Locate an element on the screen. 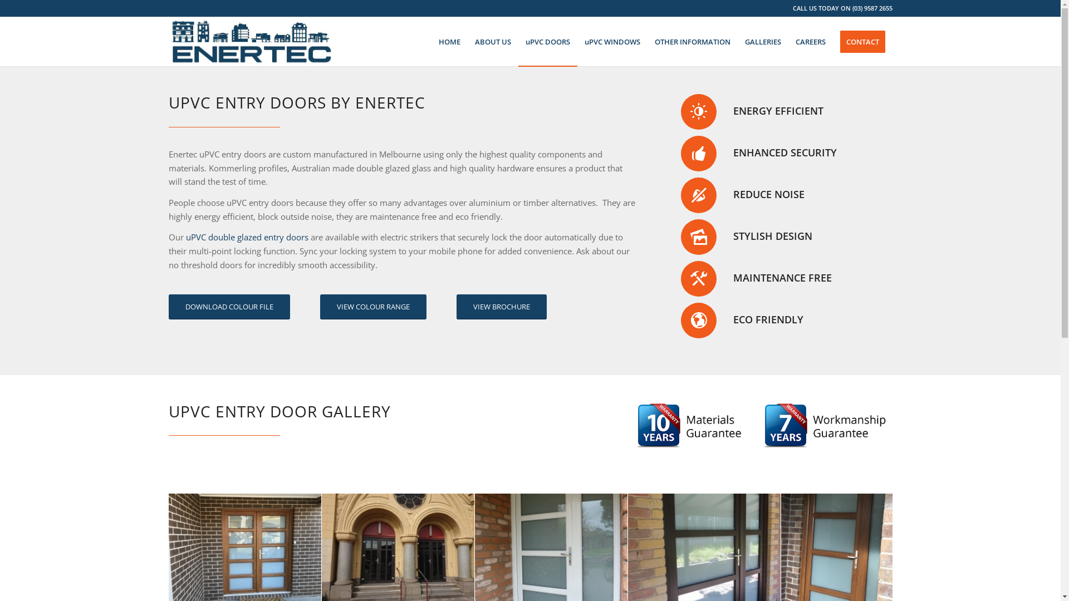 This screenshot has width=1069, height=601. 'HOME' is located at coordinates (449, 41).